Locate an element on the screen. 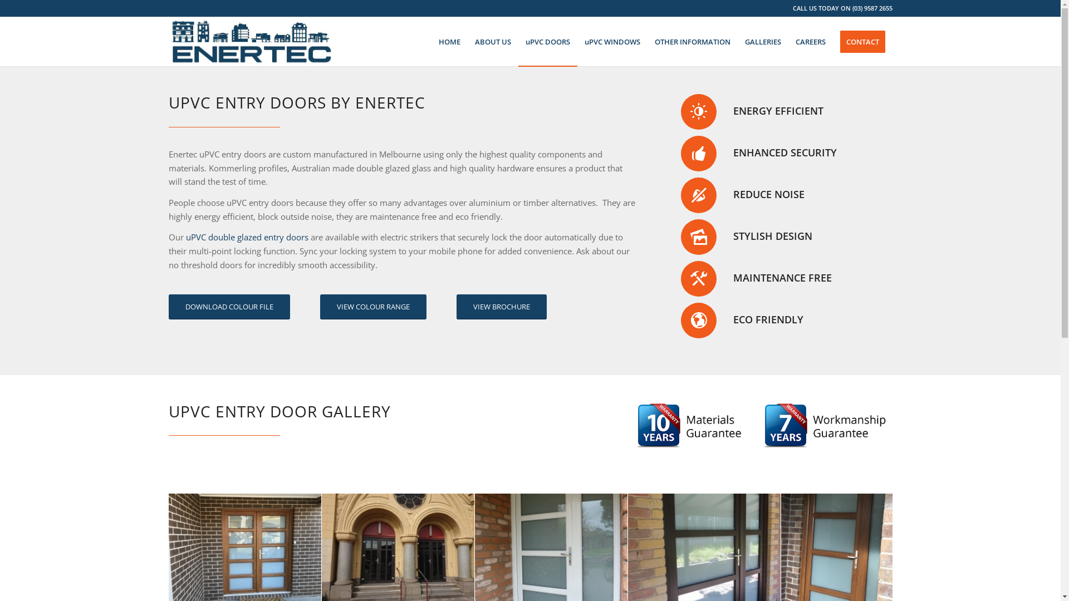 This screenshot has width=1069, height=601. 'HOME' is located at coordinates (449, 41).